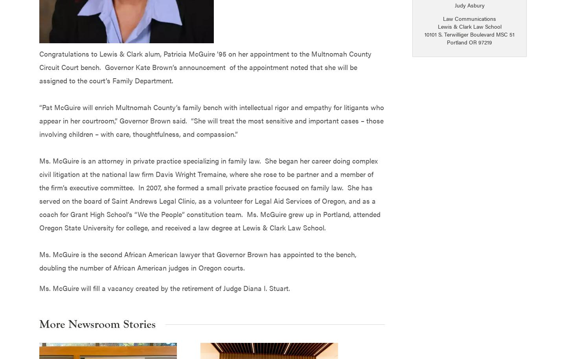 The image size is (566, 359). I want to click on '10101 S. Terwilliger Boulevard', so click(460, 34).